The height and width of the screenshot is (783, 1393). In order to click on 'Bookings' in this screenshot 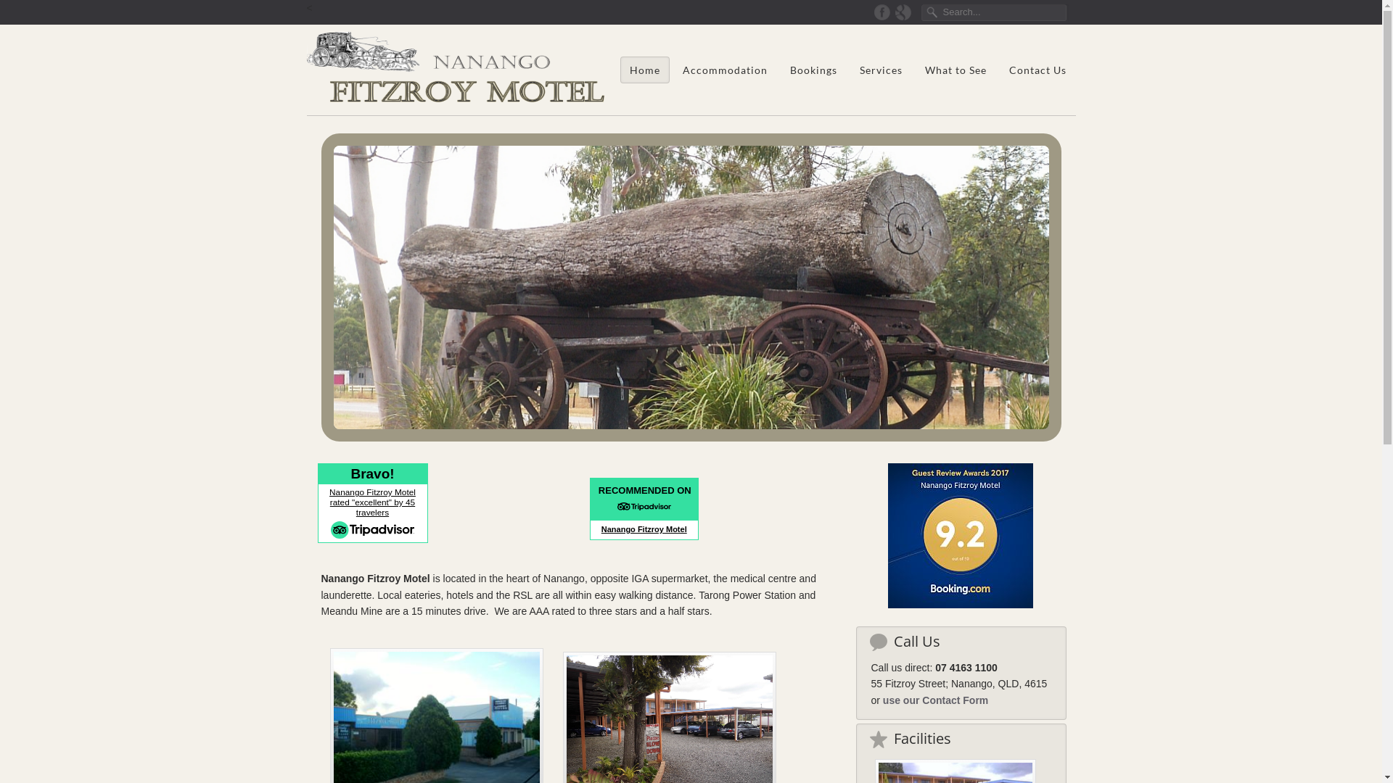, I will do `click(813, 70)`.